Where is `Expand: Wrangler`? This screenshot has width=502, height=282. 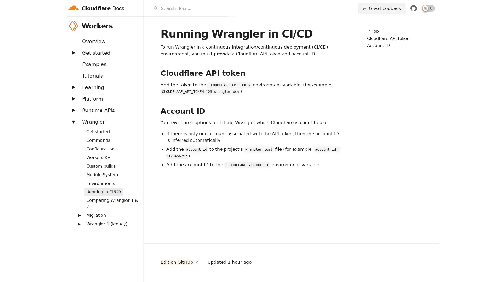
Expand: Wrangler is located at coordinates (73, 121).